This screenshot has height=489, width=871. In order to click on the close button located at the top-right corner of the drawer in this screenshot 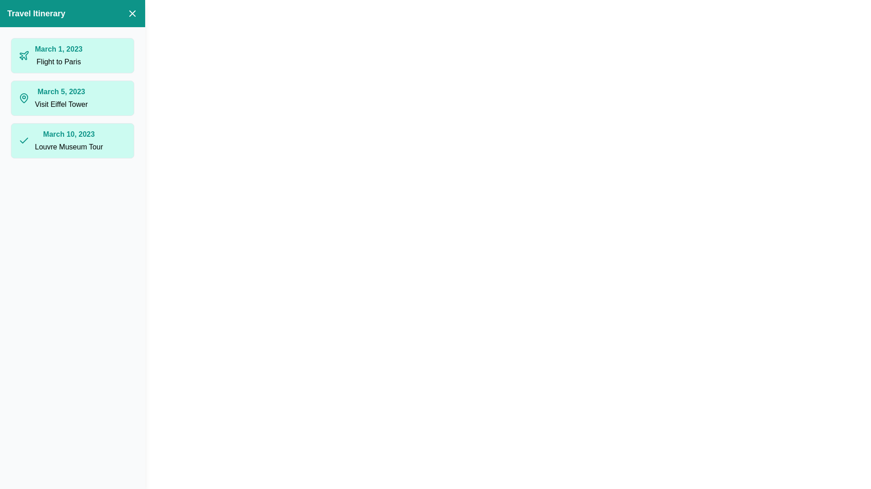, I will do `click(132, 14)`.